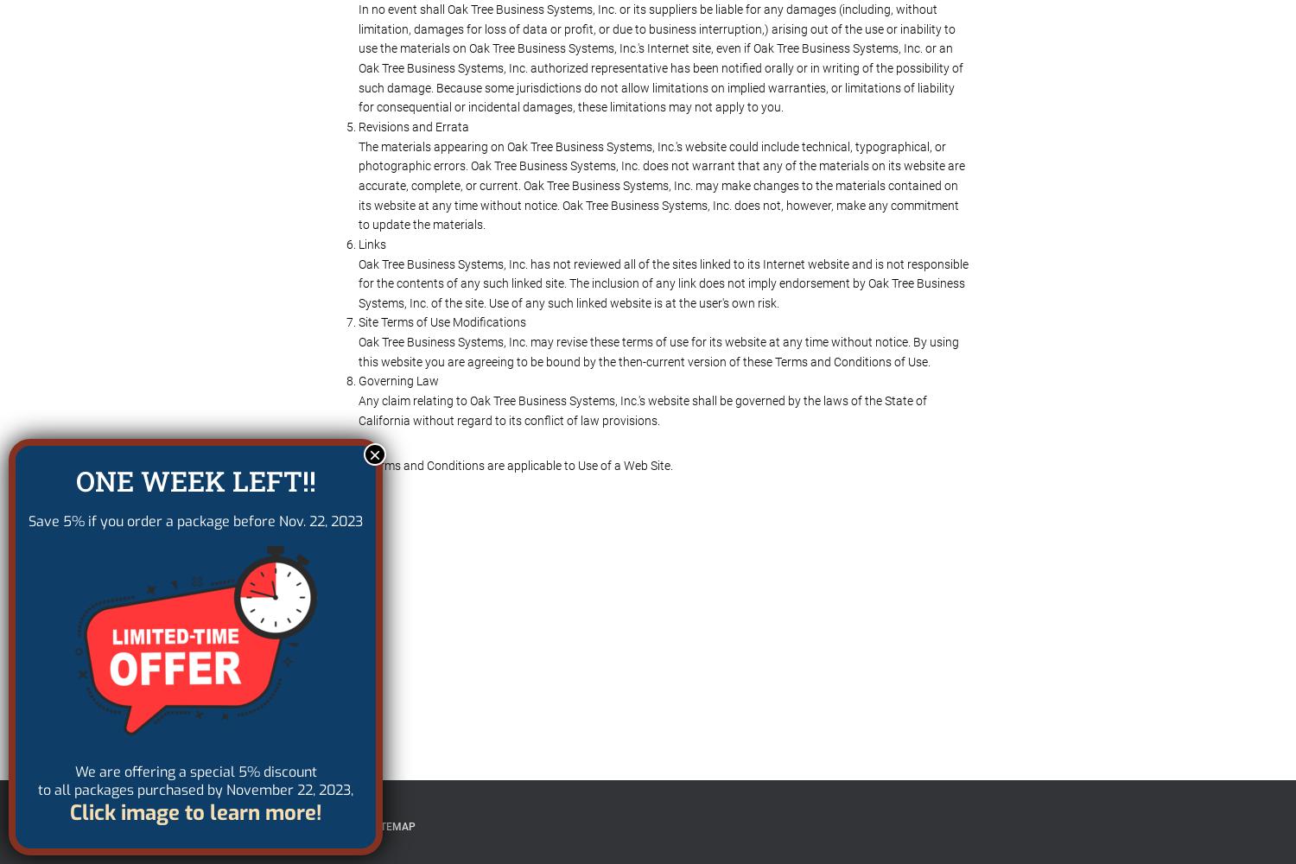 This screenshot has width=1296, height=864. What do you see at coordinates (498, 466) in the screenshot?
I see `'General Terms and Conditions are applicable to Use of a Web Site.'` at bounding box center [498, 466].